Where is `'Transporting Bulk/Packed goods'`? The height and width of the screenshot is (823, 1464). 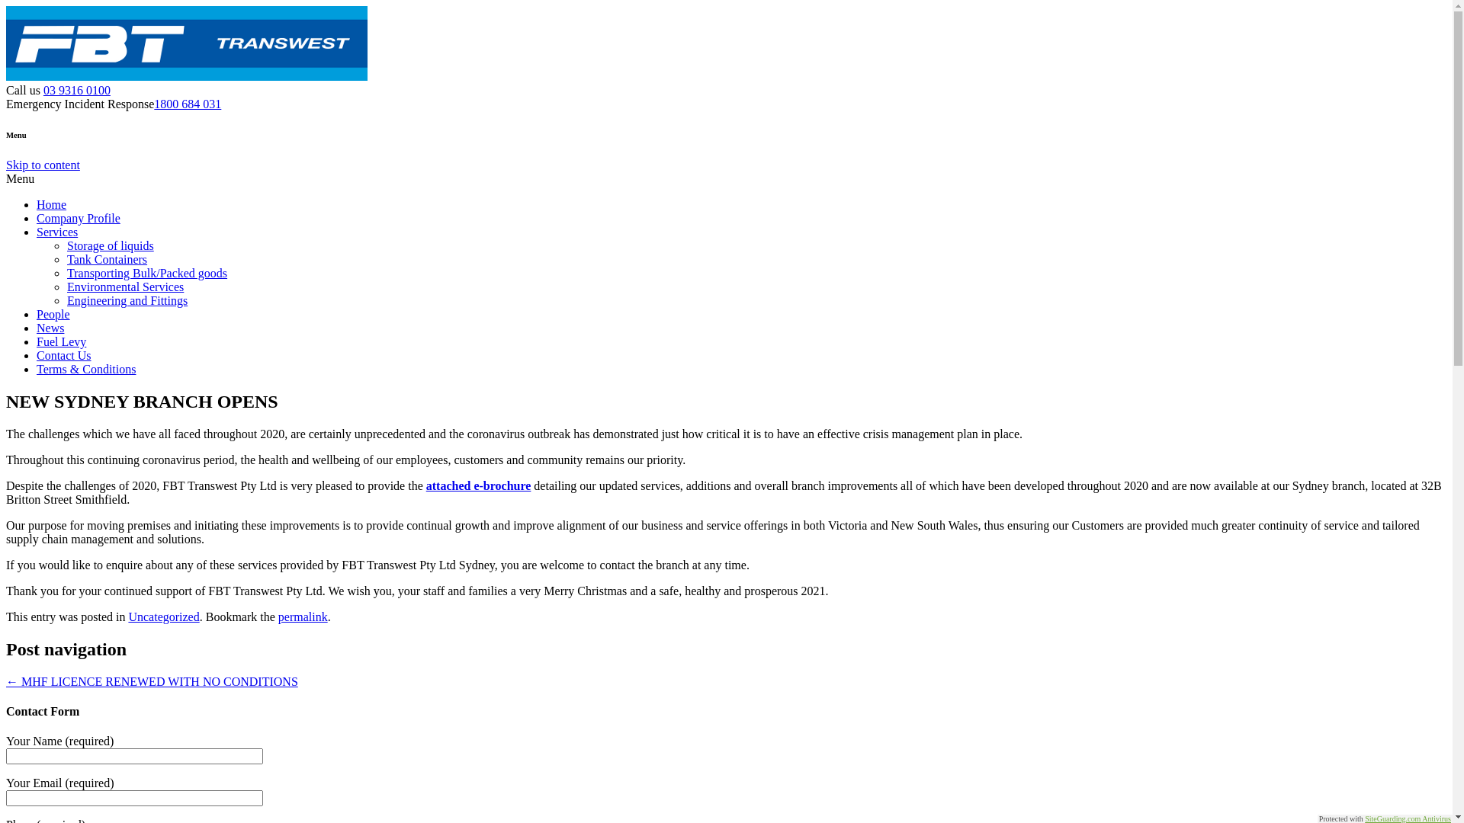 'Transporting Bulk/Packed goods' is located at coordinates (146, 272).